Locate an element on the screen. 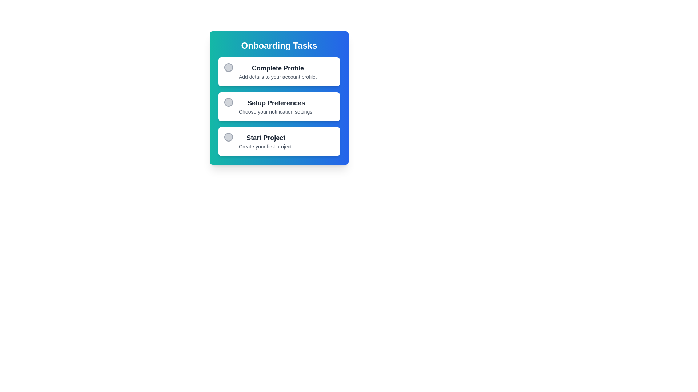  the 'Setup Preferences' label, which is a prominent text label in bold and large font, positioned as the second item in the options list, above 'Start Project' is located at coordinates (276, 103).